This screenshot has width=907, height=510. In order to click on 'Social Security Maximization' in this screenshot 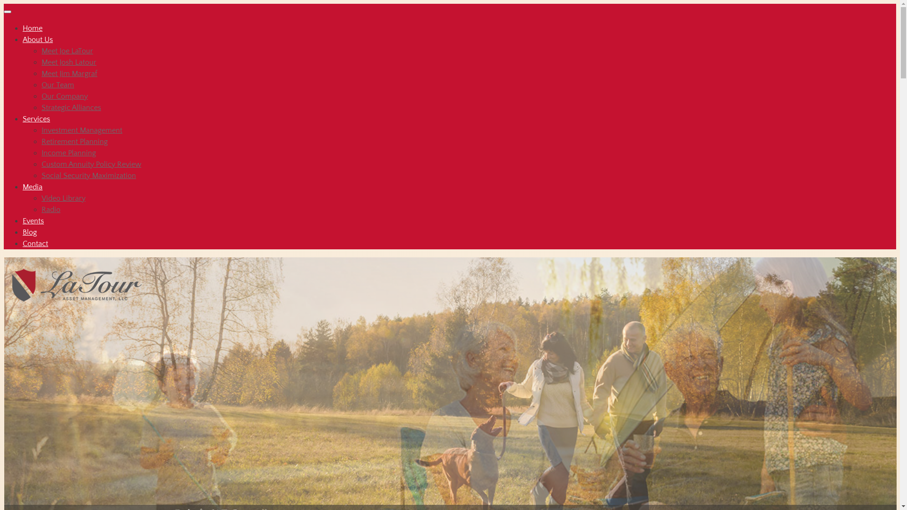, I will do `click(88, 175)`.